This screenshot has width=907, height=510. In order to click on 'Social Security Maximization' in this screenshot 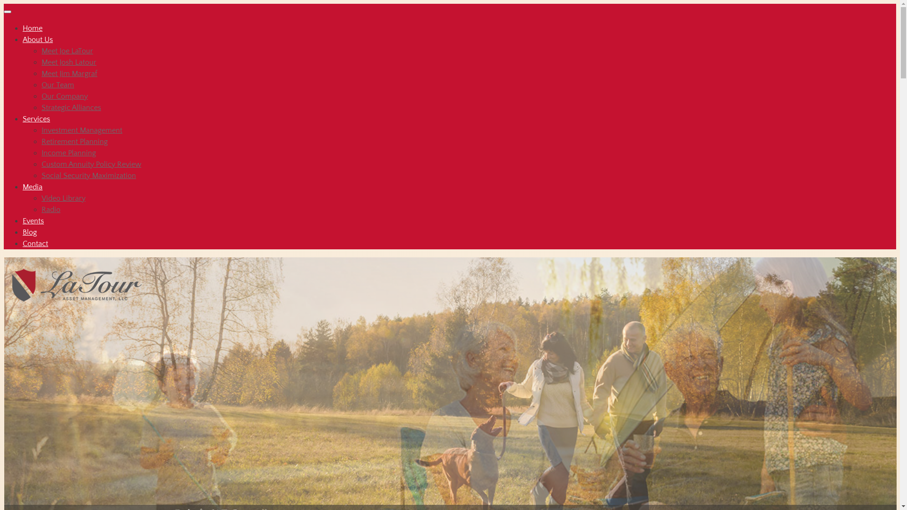, I will do `click(88, 175)`.